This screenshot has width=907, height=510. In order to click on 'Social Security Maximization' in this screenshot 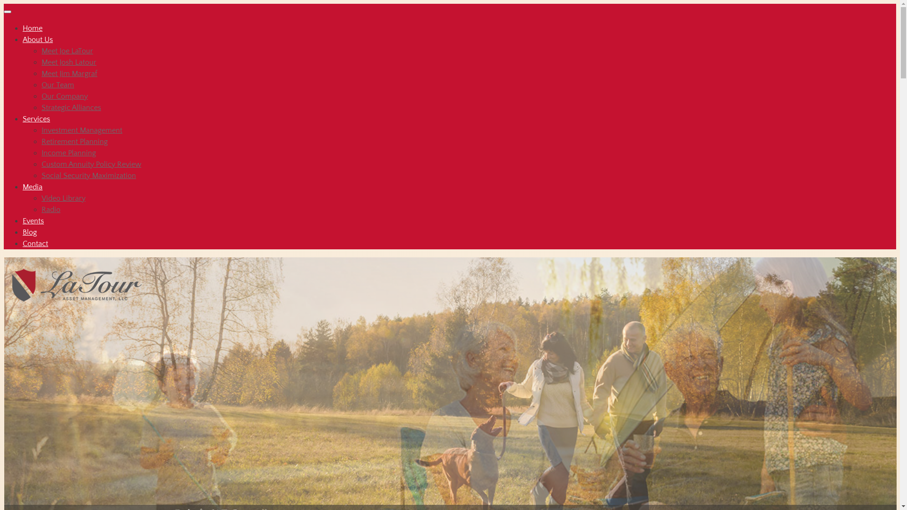, I will do `click(88, 175)`.